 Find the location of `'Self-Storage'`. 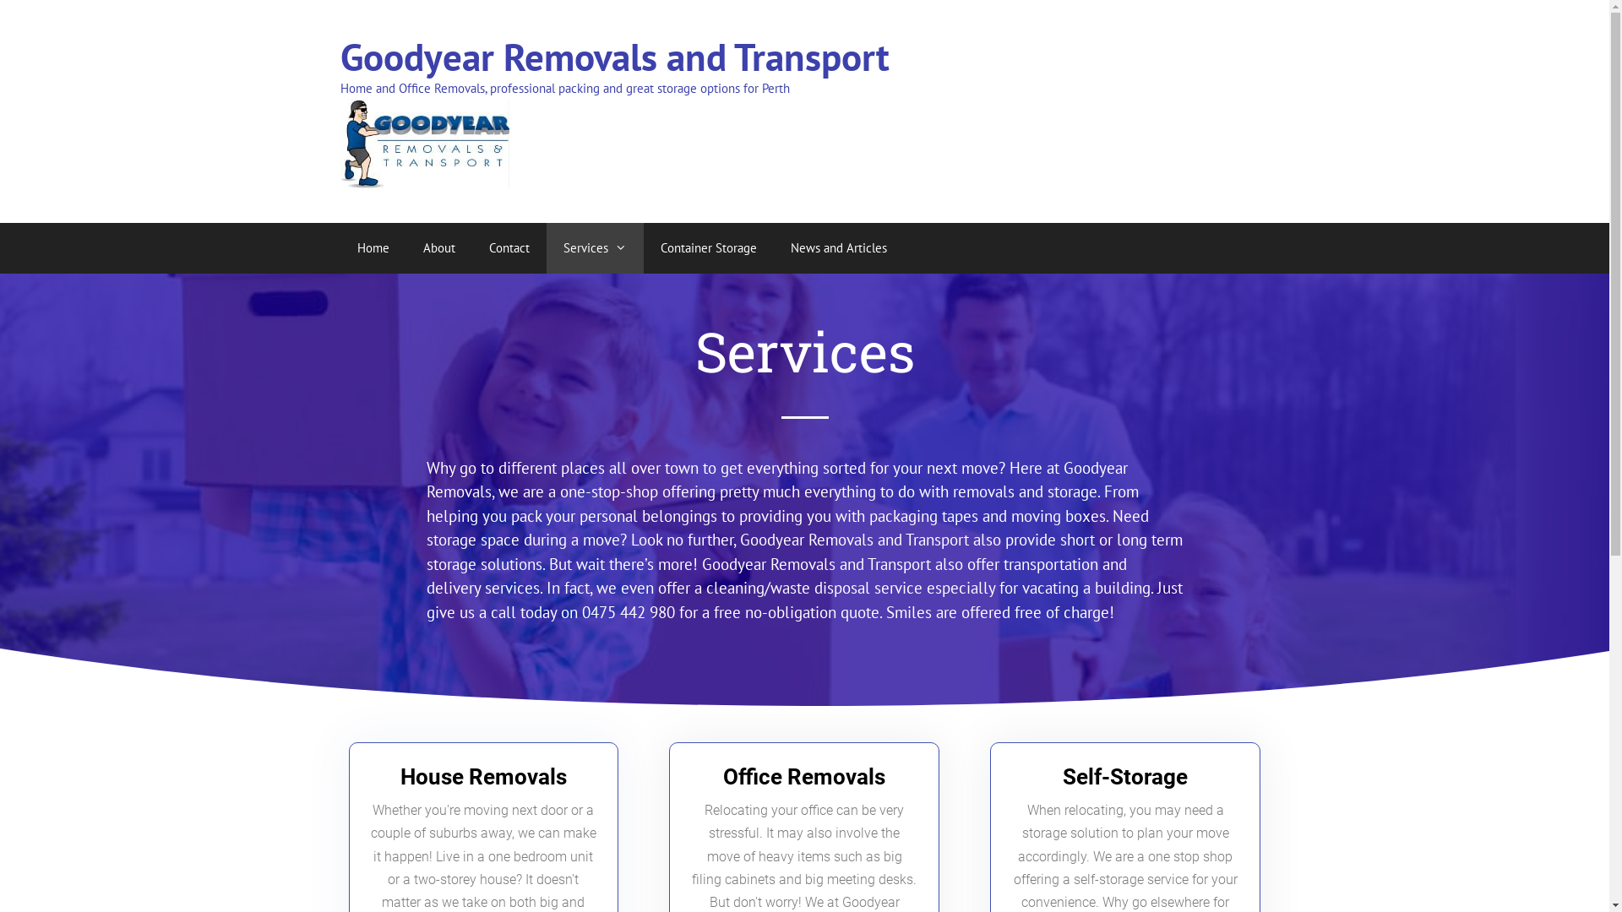

'Self-Storage' is located at coordinates (1124, 777).